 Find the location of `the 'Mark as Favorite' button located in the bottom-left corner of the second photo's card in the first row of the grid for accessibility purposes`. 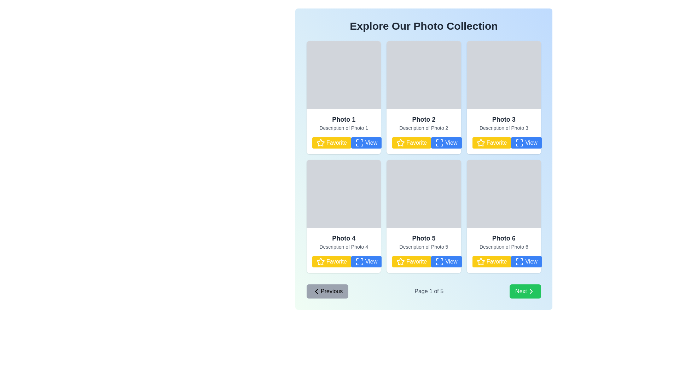

the 'Mark as Favorite' button located in the bottom-left corner of the second photo's card in the first row of the grid for accessibility purposes is located at coordinates (424, 143).